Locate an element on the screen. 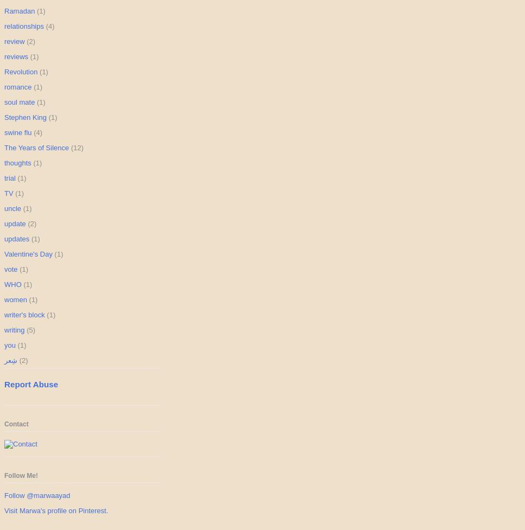 The image size is (525, 530). 'thoughts' is located at coordinates (4, 162).